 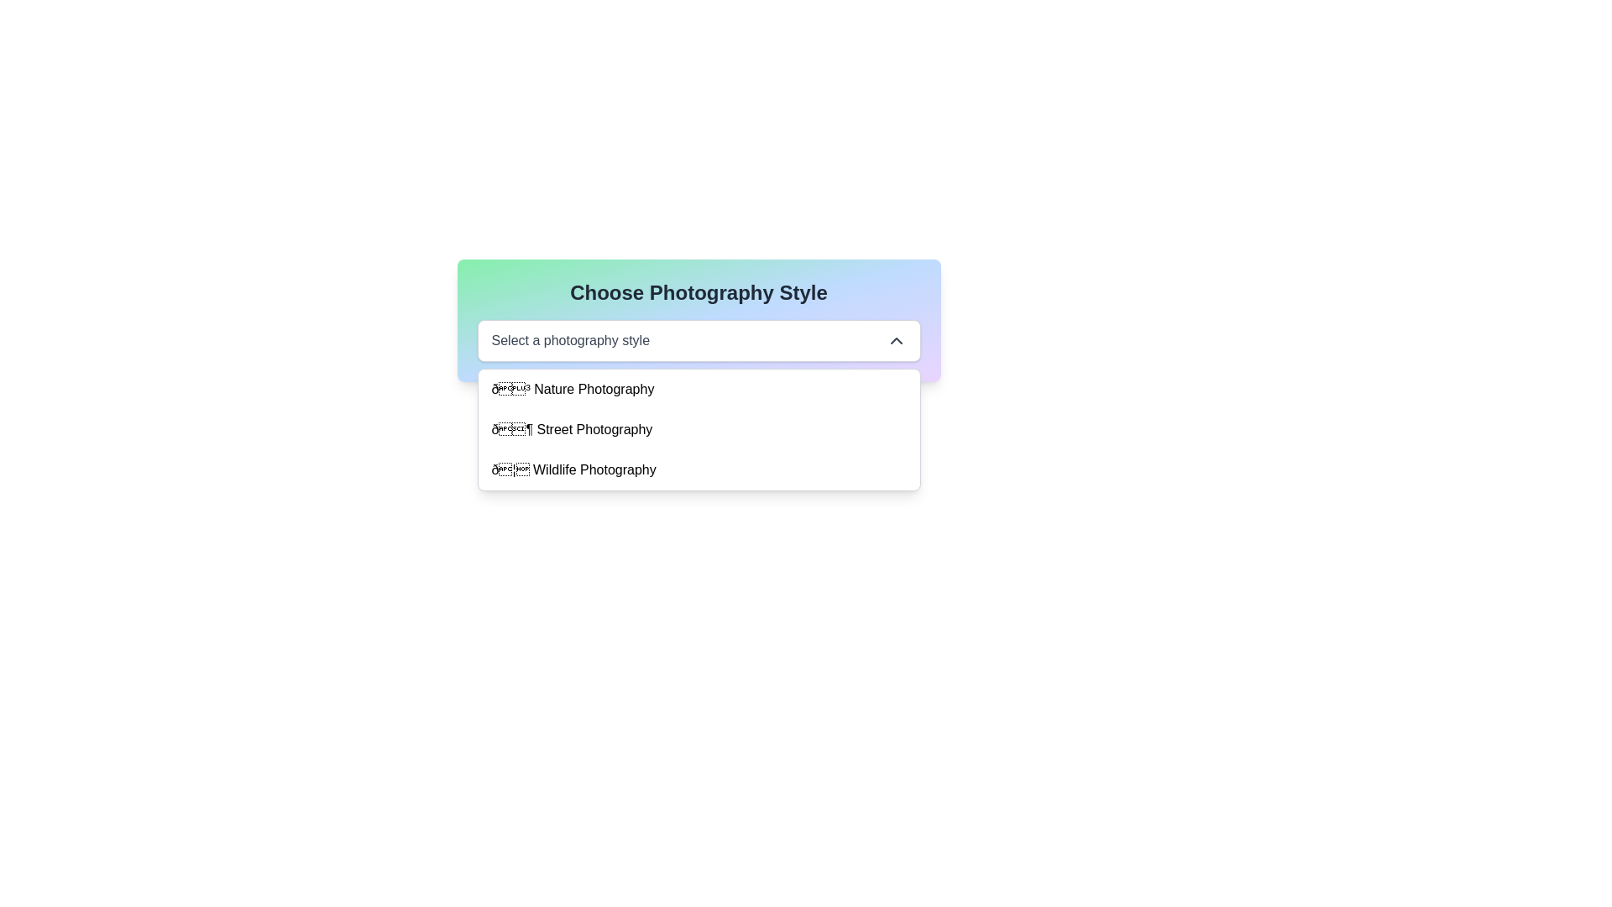 I want to click on the 'Wildlife Photography' option in the dropdown menu, so click(x=699, y=469).